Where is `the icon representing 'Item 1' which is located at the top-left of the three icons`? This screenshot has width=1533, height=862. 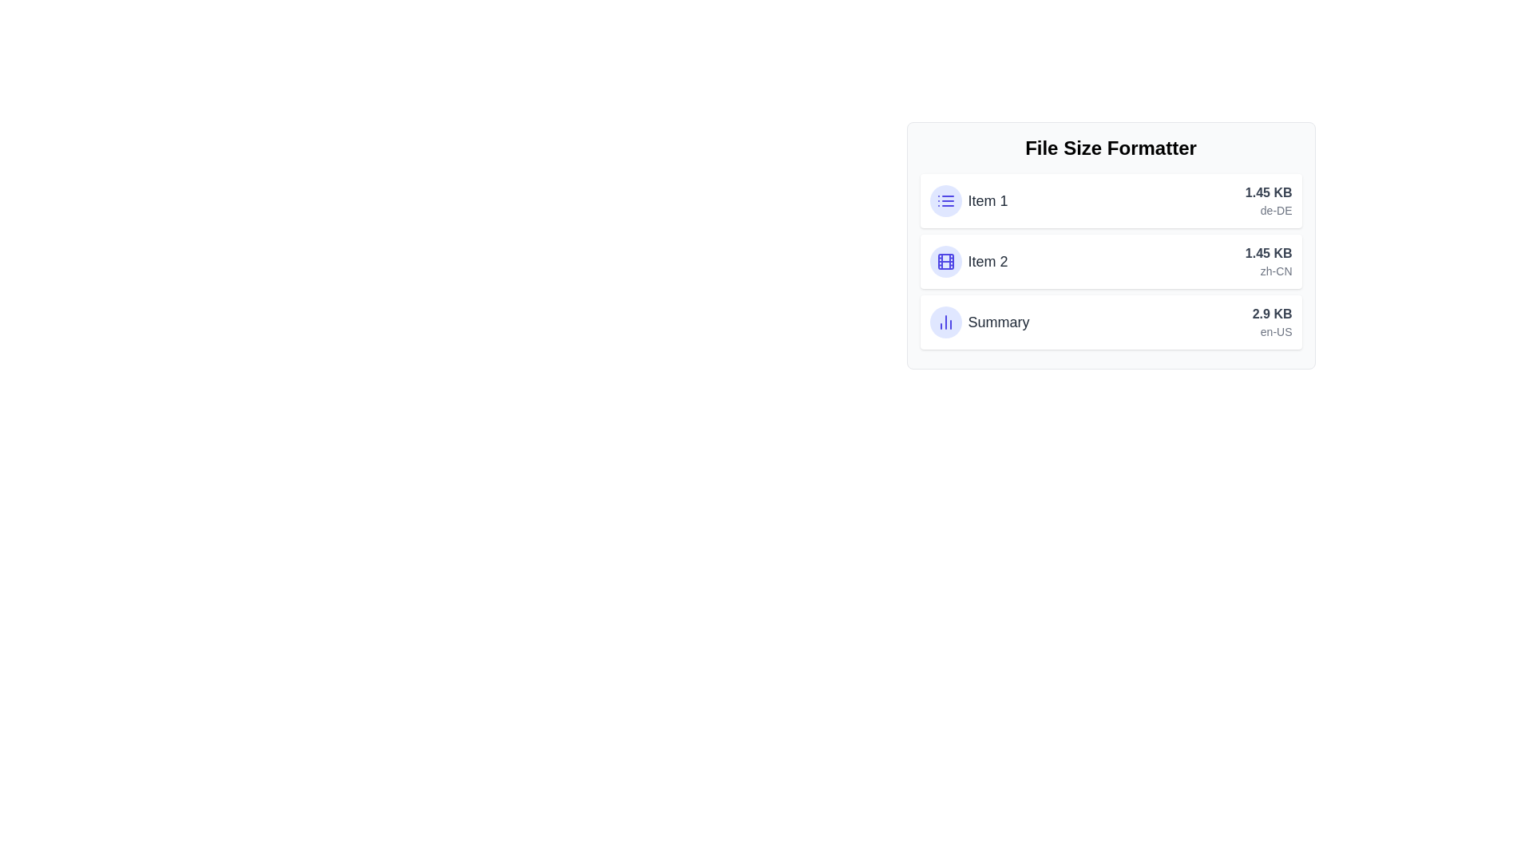
the icon representing 'Item 1' which is located at the top-left of the three icons is located at coordinates (945, 200).